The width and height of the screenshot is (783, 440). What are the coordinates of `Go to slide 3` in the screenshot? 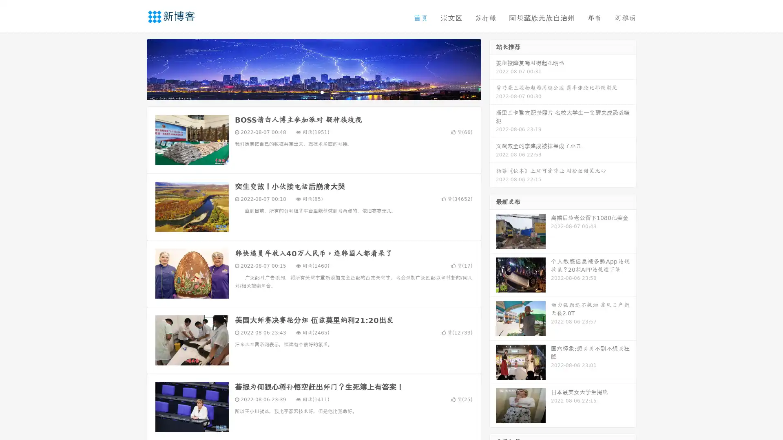 It's located at (322, 92).